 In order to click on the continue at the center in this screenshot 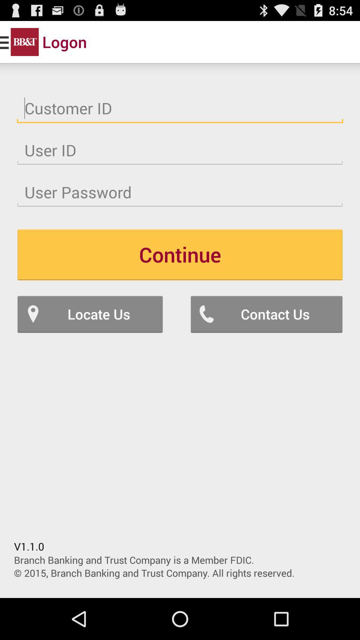, I will do `click(180, 254)`.